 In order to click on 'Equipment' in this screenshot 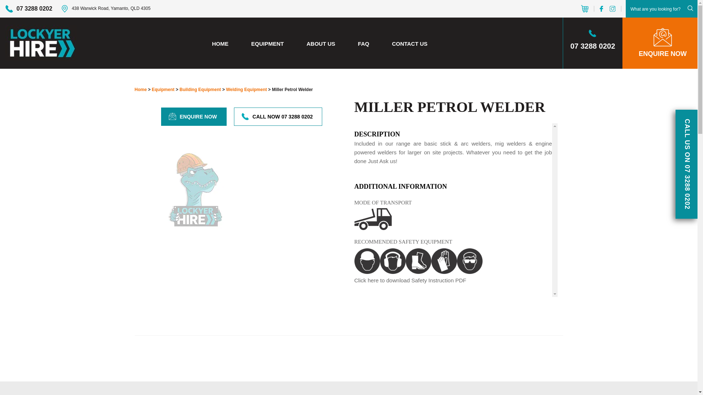, I will do `click(151, 89)`.